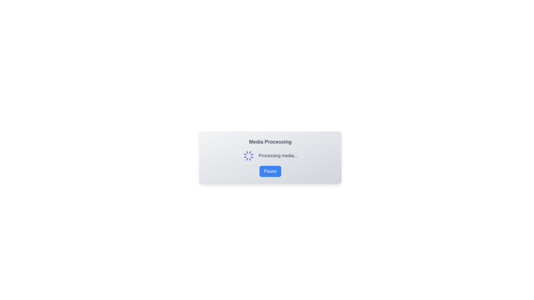 The height and width of the screenshot is (300, 534). Describe the element at coordinates (270, 171) in the screenshot. I see `the 'Pause' button with rounded corners and a bright blue background` at that location.